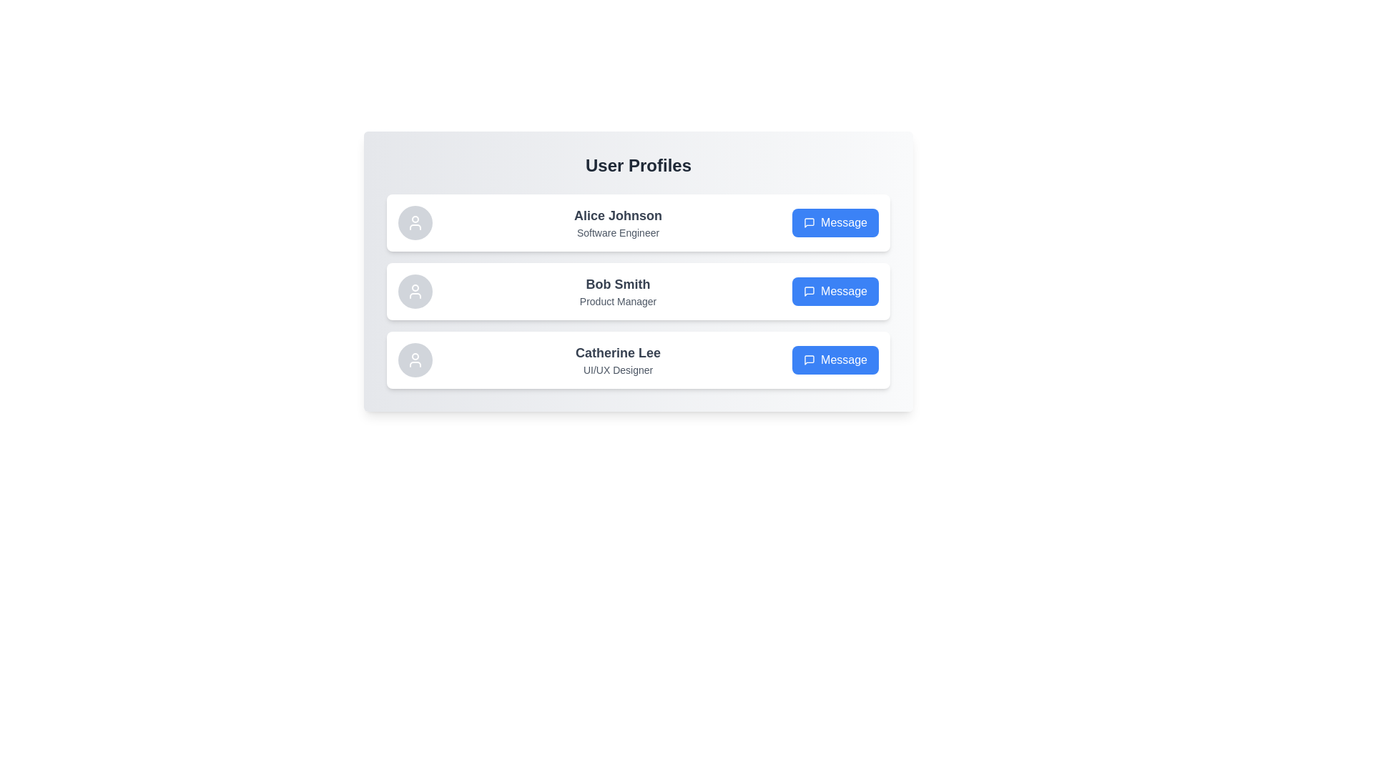  I want to click on the text of Catherine Lee to select it, so click(618, 352).